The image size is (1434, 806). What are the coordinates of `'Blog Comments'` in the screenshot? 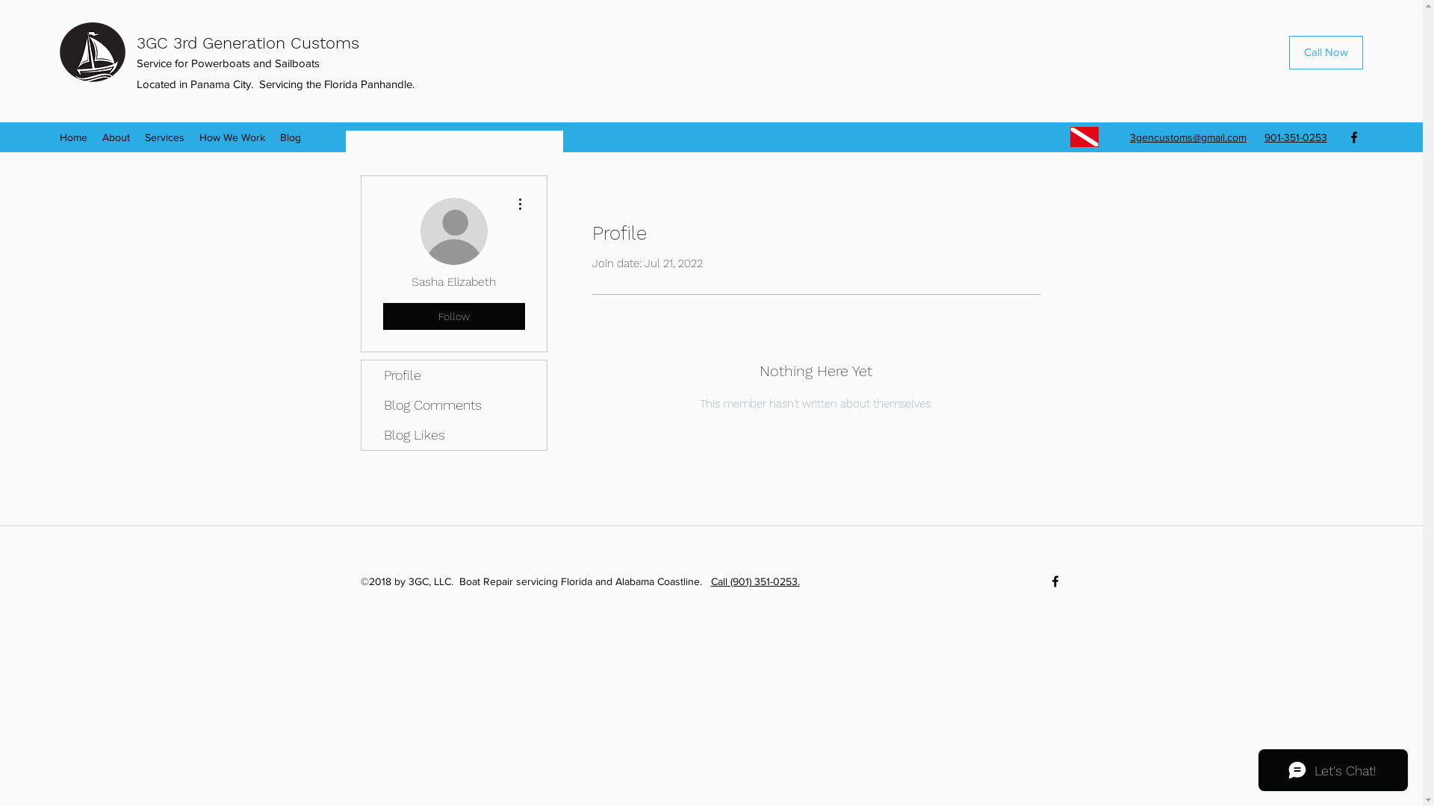 It's located at (453, 405).